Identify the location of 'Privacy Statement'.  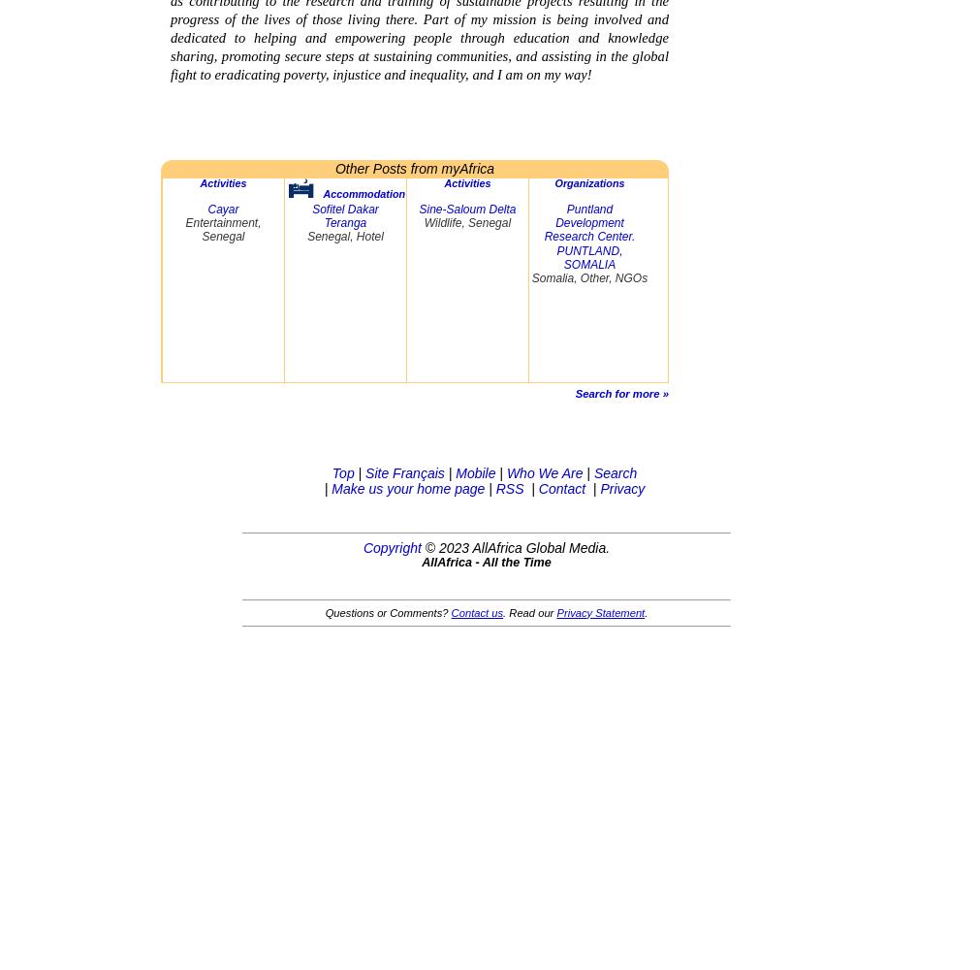
(600, 612).